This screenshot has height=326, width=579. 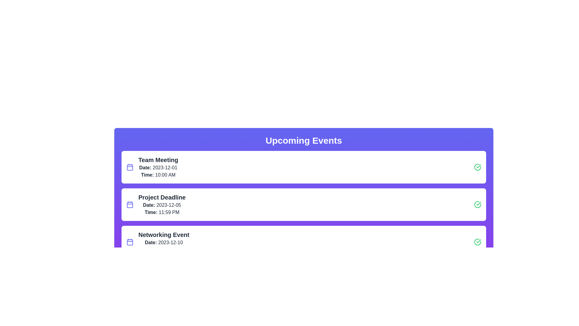 I want to click on the status indicator icon for the 'Networking Event' entry, located at the far-right end of the row containing the event details, so click(x=477, y=242).